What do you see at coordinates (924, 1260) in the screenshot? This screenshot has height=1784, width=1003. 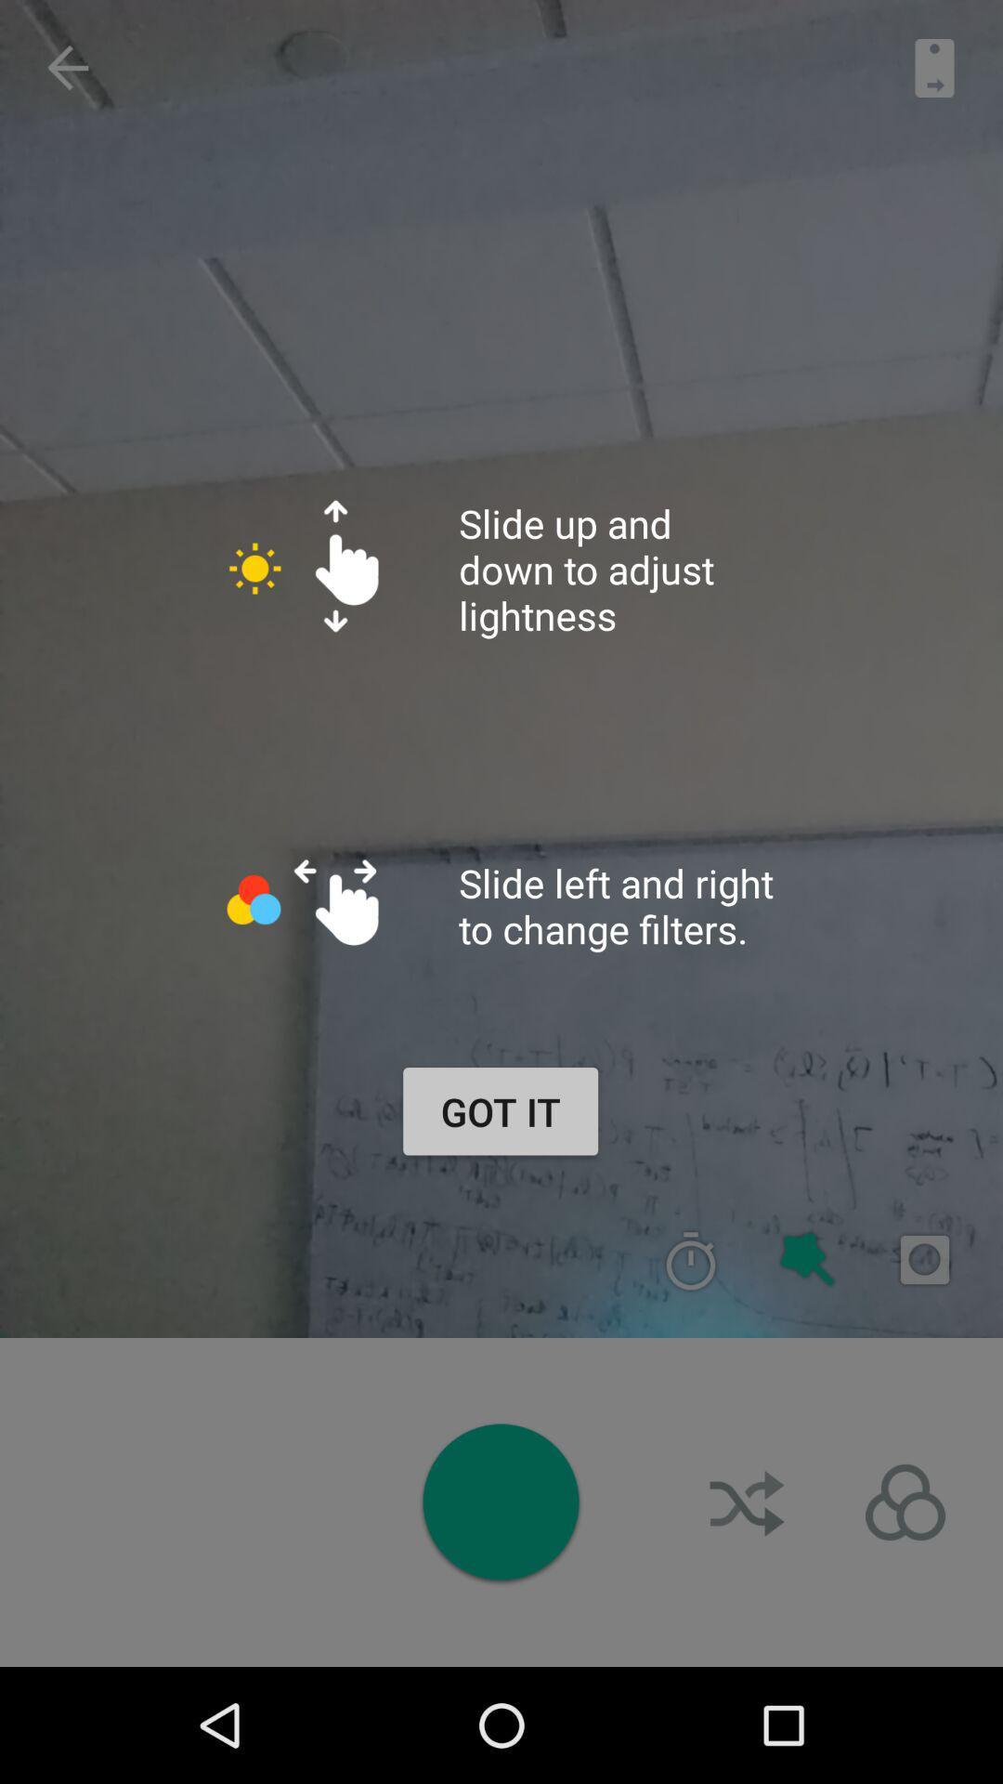 I see `record` at bounding box center [924, 1260].